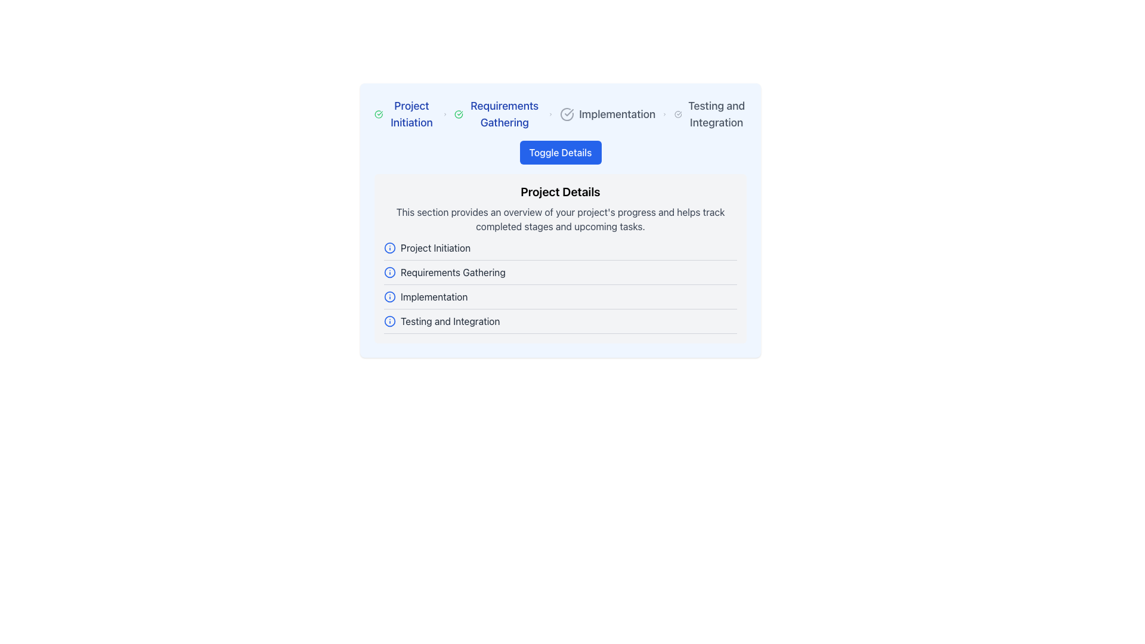  What do you see at coordinates (560, 221) in the screenshot?
I see `the 'Project Details' summary section, which contains a title, description, and stages of the project, to interact with its related elements` at bounding box center [560, 221].